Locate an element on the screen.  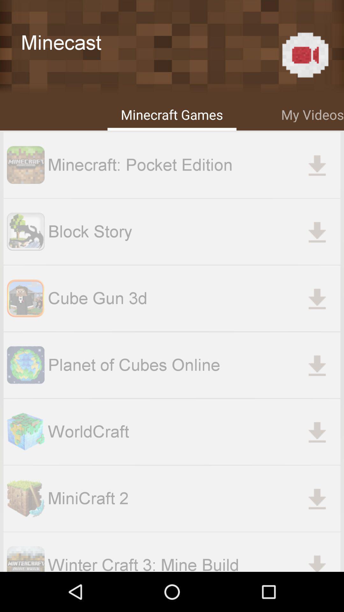
icon at bottom right corner is located at coordinates (317, 560).